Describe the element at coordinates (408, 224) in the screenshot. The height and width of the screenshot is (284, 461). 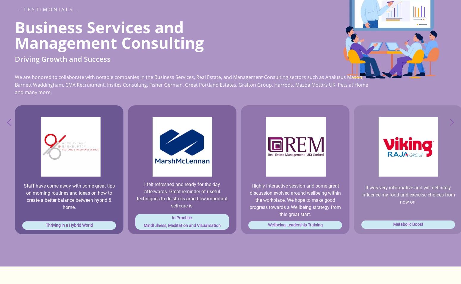
I see `'Metabolic Boost'` at that location.